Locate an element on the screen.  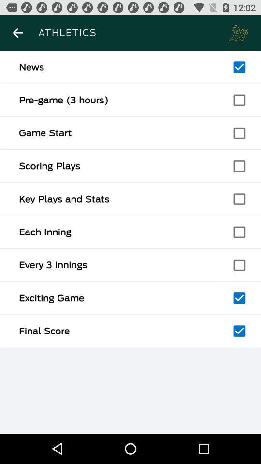
tick box is located at coordinates (239, 132).